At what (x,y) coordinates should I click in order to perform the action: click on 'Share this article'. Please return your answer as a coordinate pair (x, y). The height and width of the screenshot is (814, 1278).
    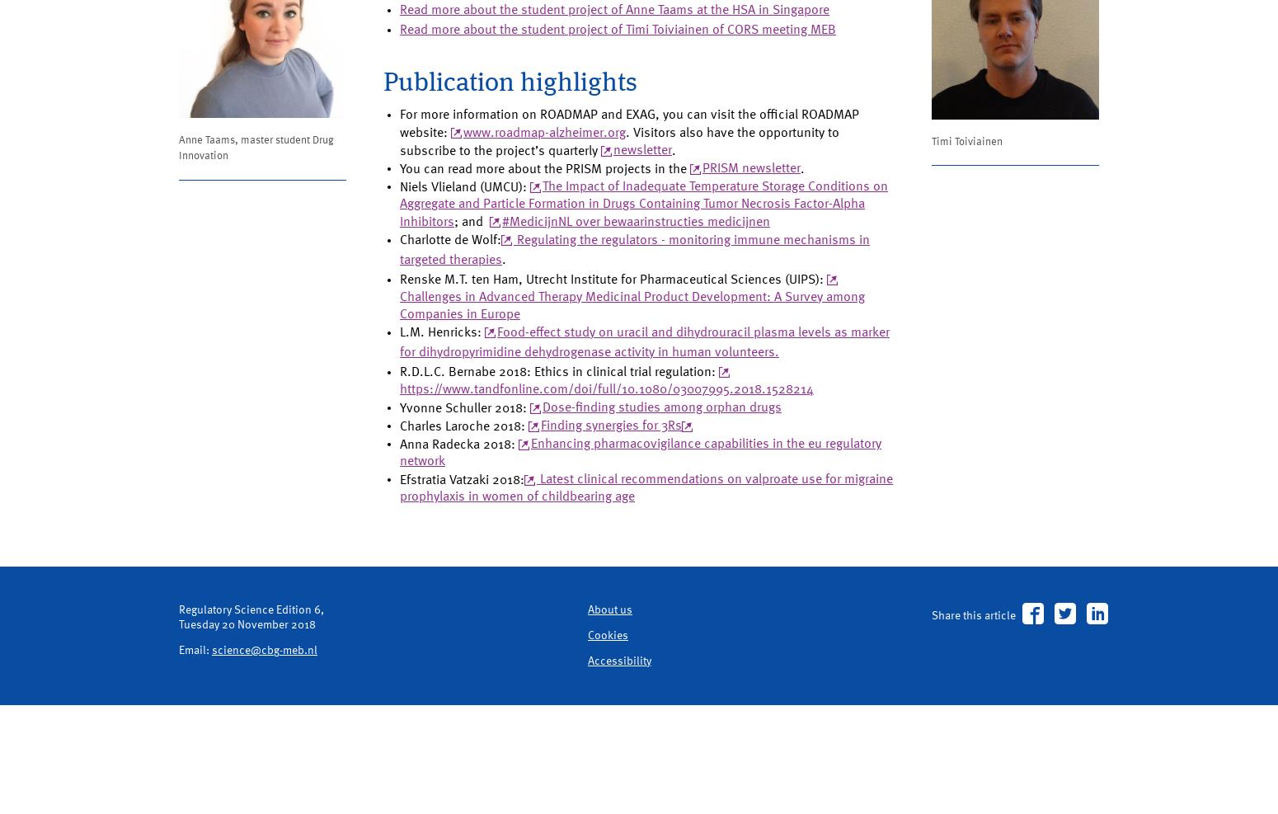
    Looking at the image, I should click on (978, 717).